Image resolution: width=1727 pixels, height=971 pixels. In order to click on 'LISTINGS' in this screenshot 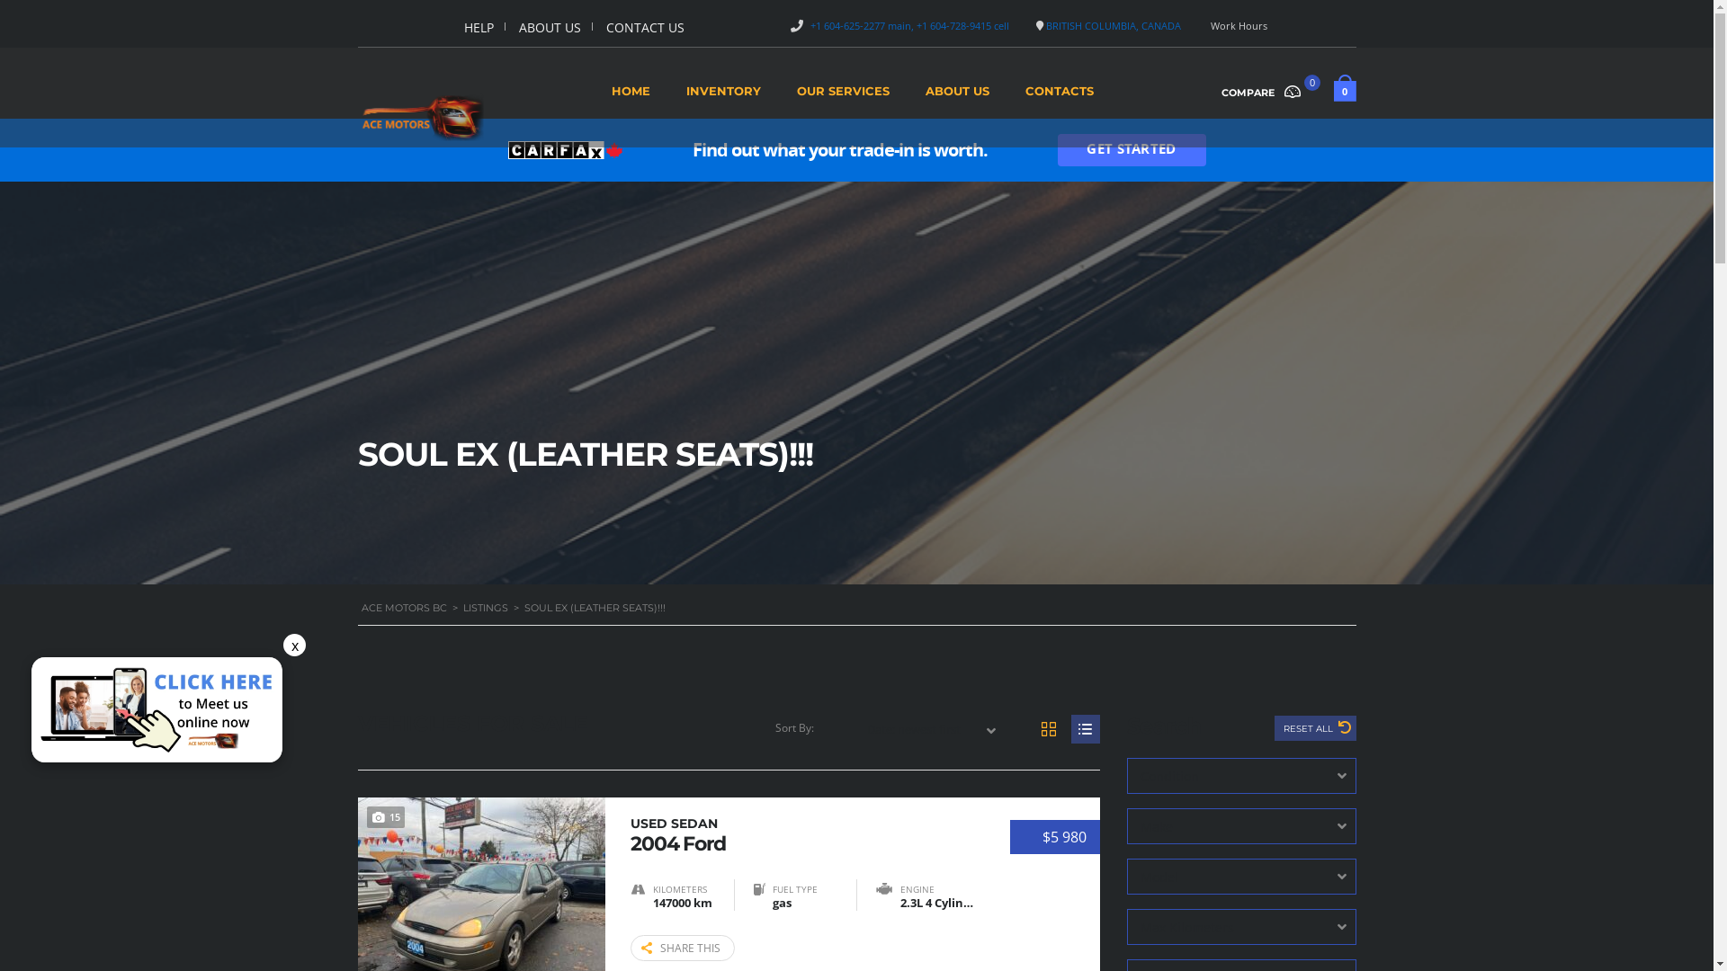, I will do `click(484, 607)`.